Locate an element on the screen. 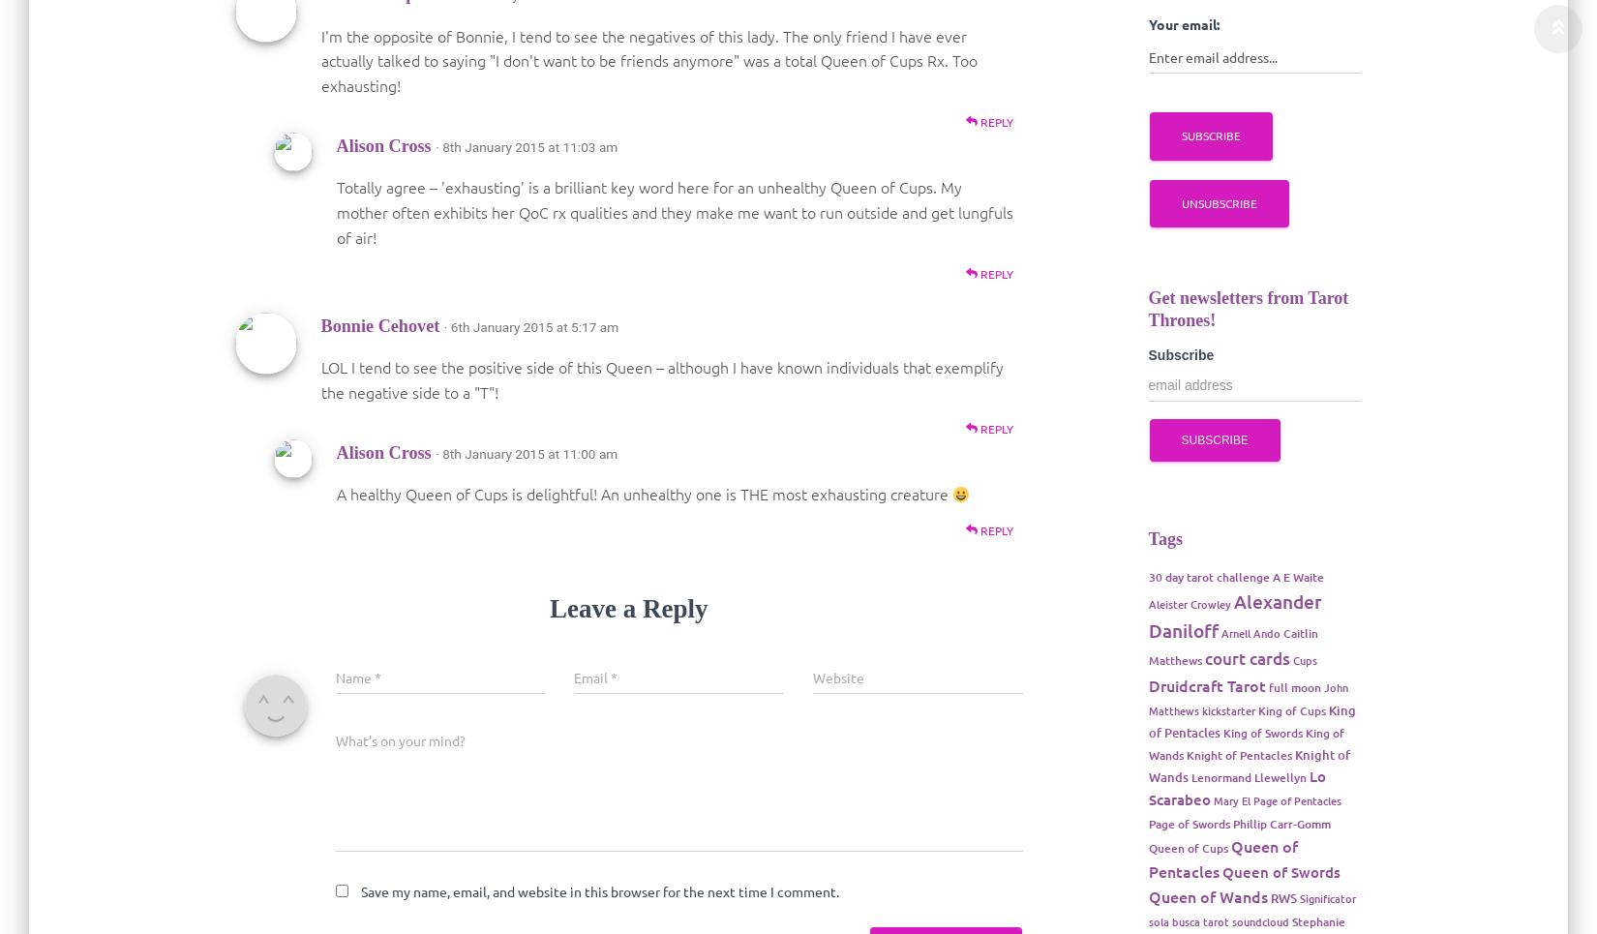 The image size is (1597, 934). 'Knight of Wands' is located at coordinates (1247, 766).